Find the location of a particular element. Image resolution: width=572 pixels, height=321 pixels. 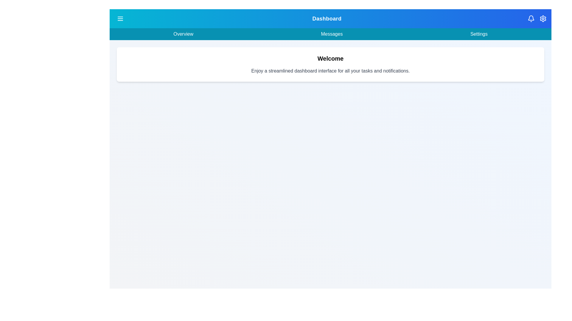

the navigation item Messages to navigate to the corresponding section is located at coordinates (331, 34).